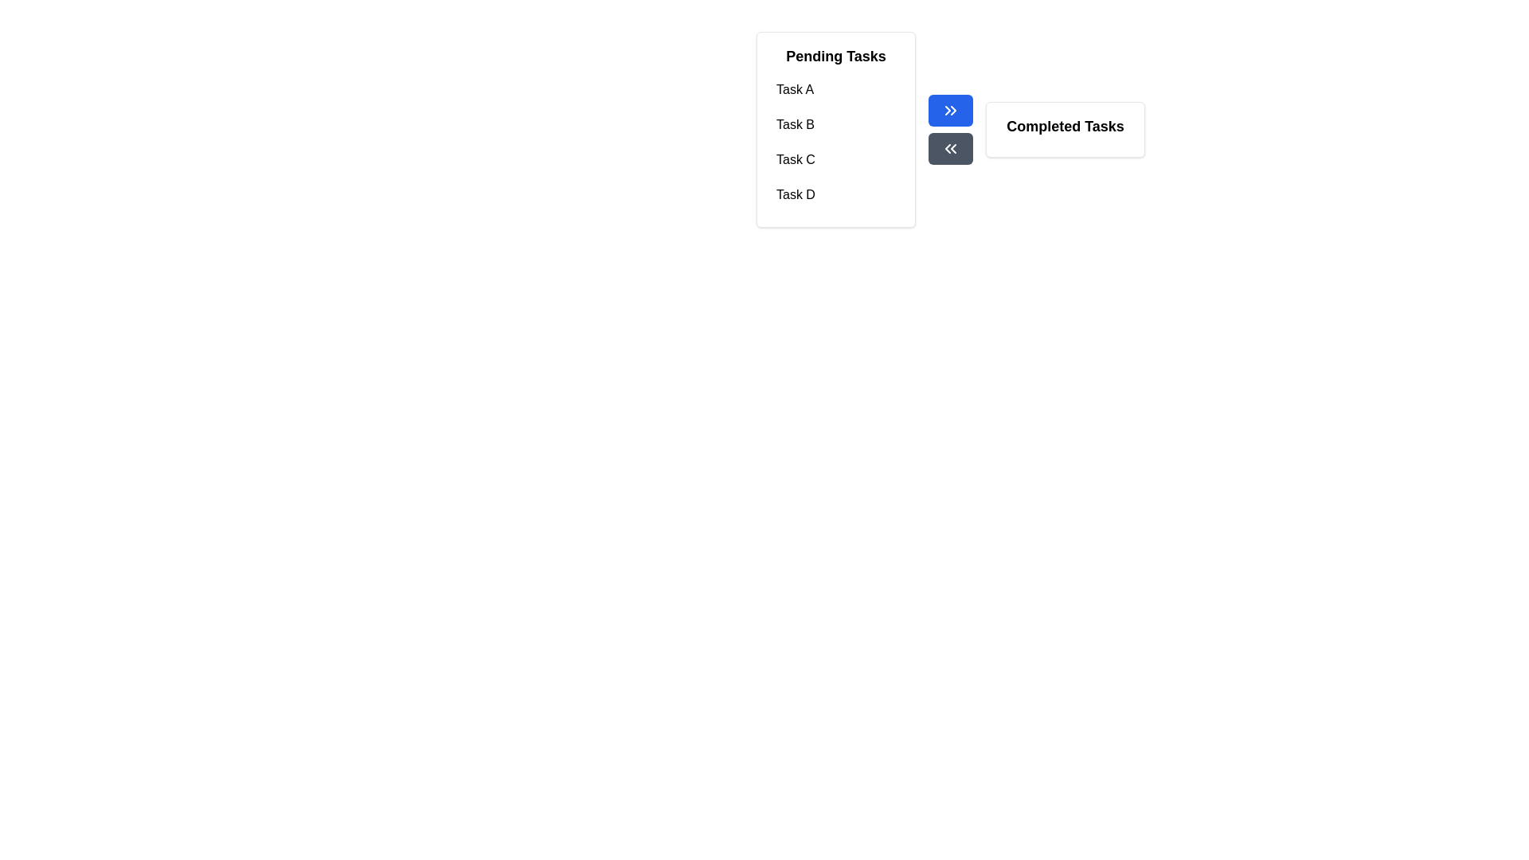  I want to click on the first item in the 'Pending Tasks' list, which is named 'Task A', so click(835, 89).